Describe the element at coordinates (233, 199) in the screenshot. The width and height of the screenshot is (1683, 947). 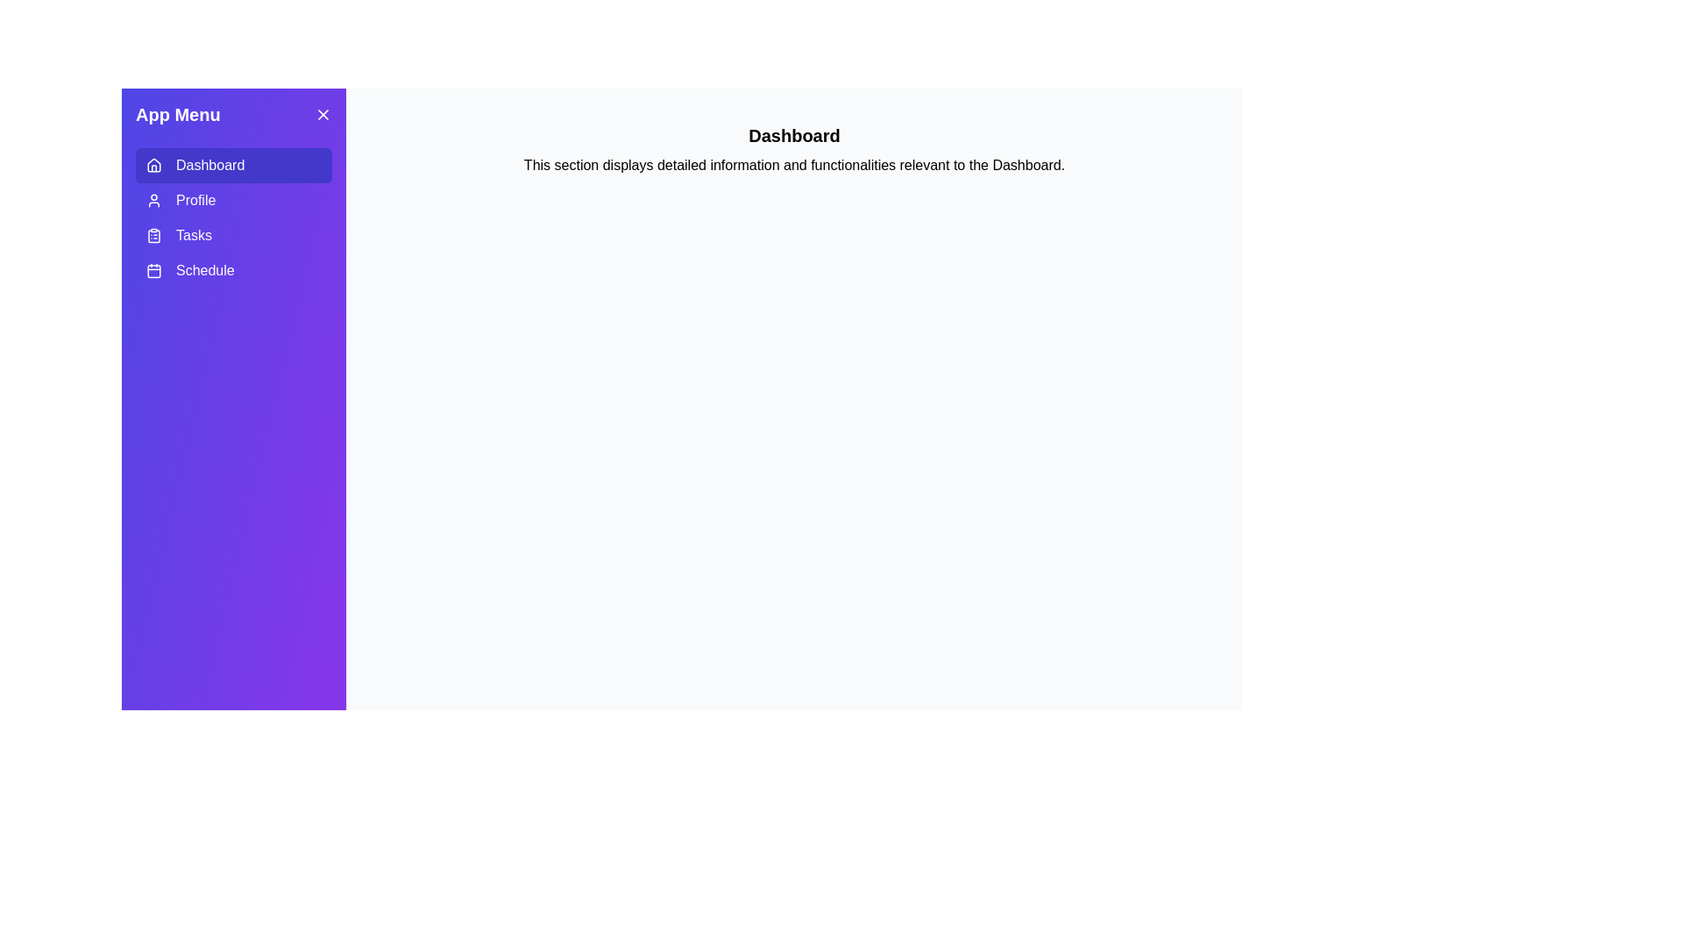
I see `the tab labeled Profile to switch to that tab` at that location.